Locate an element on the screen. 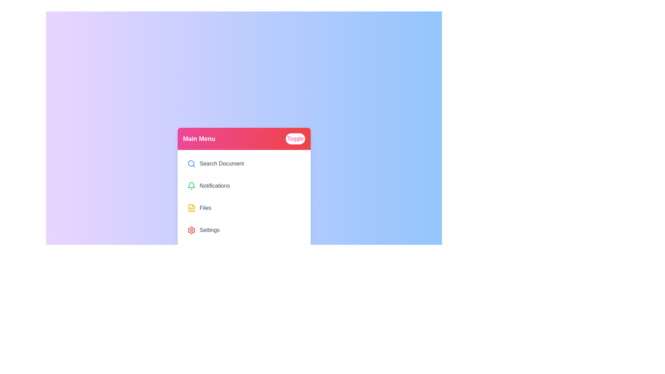 This screenshot has width=665, height=374. the menu item labeled Notifications is located at coordinates (244, 185).